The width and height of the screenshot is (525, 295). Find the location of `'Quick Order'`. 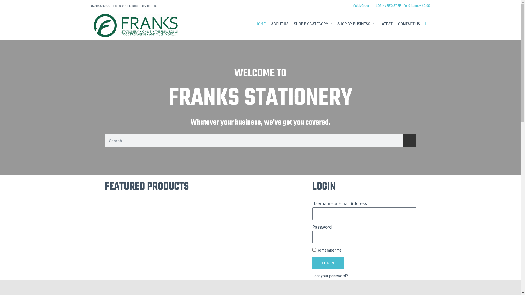

'Quick Order' is located at coordinates (361, 5).